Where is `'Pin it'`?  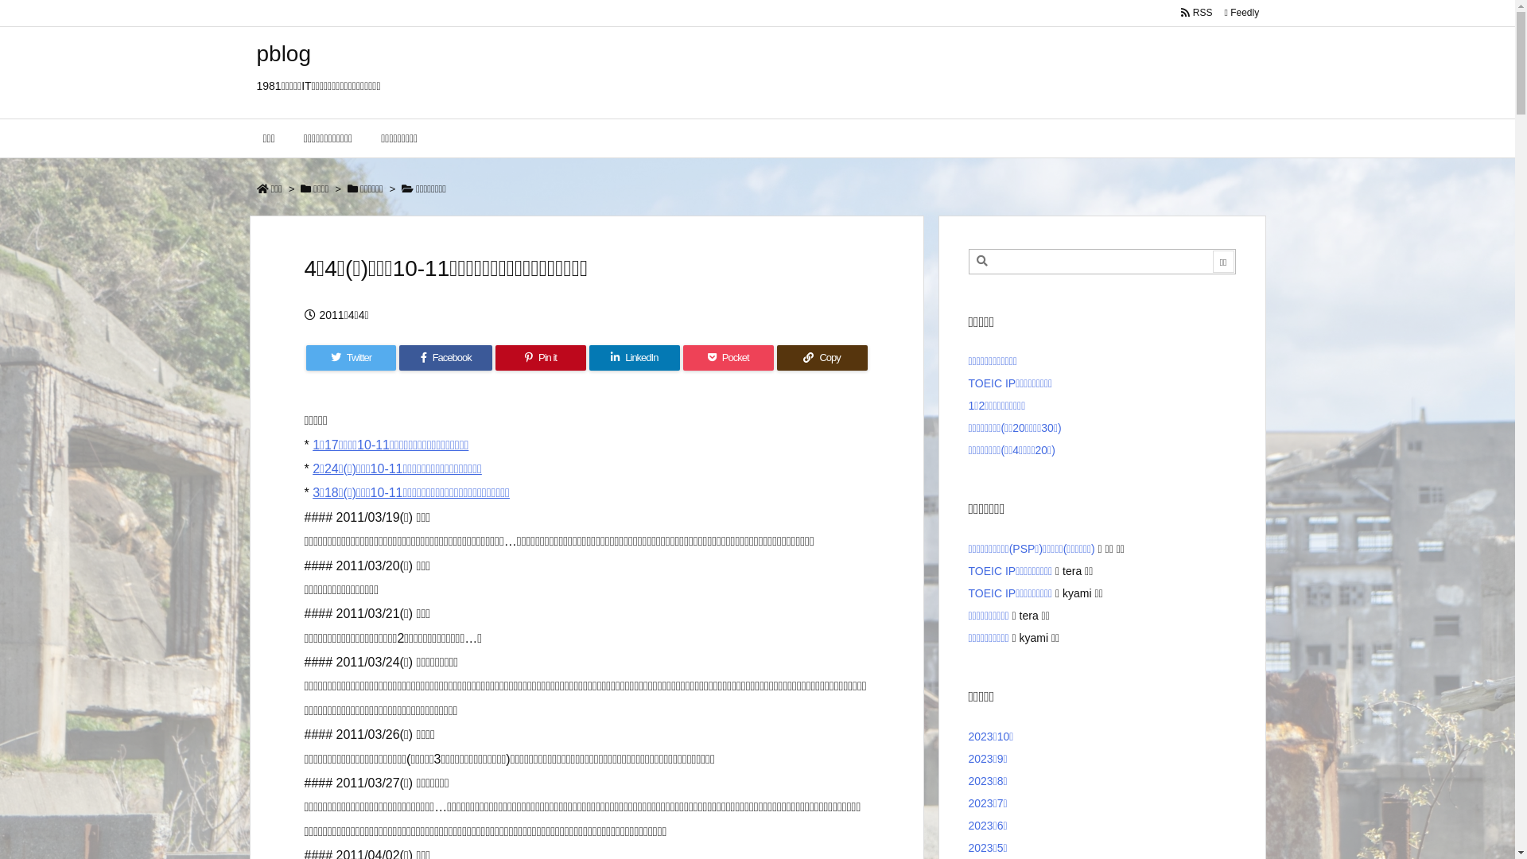 'Pin it' is located at coordinates (541, 358).